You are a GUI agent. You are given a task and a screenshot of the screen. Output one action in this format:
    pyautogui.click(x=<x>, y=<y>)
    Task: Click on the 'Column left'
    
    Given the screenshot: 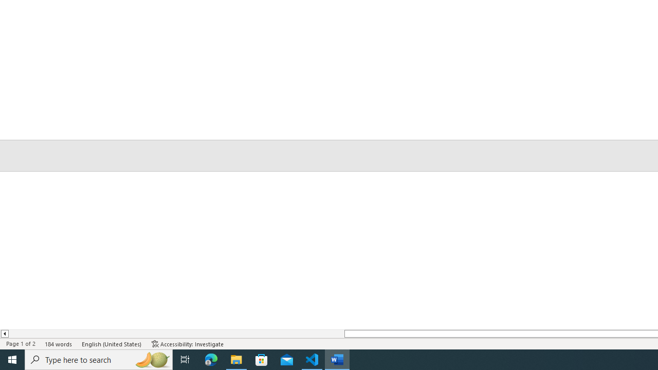 What is the action you would take?
    pyautogui.click(x=4, y=334)
    